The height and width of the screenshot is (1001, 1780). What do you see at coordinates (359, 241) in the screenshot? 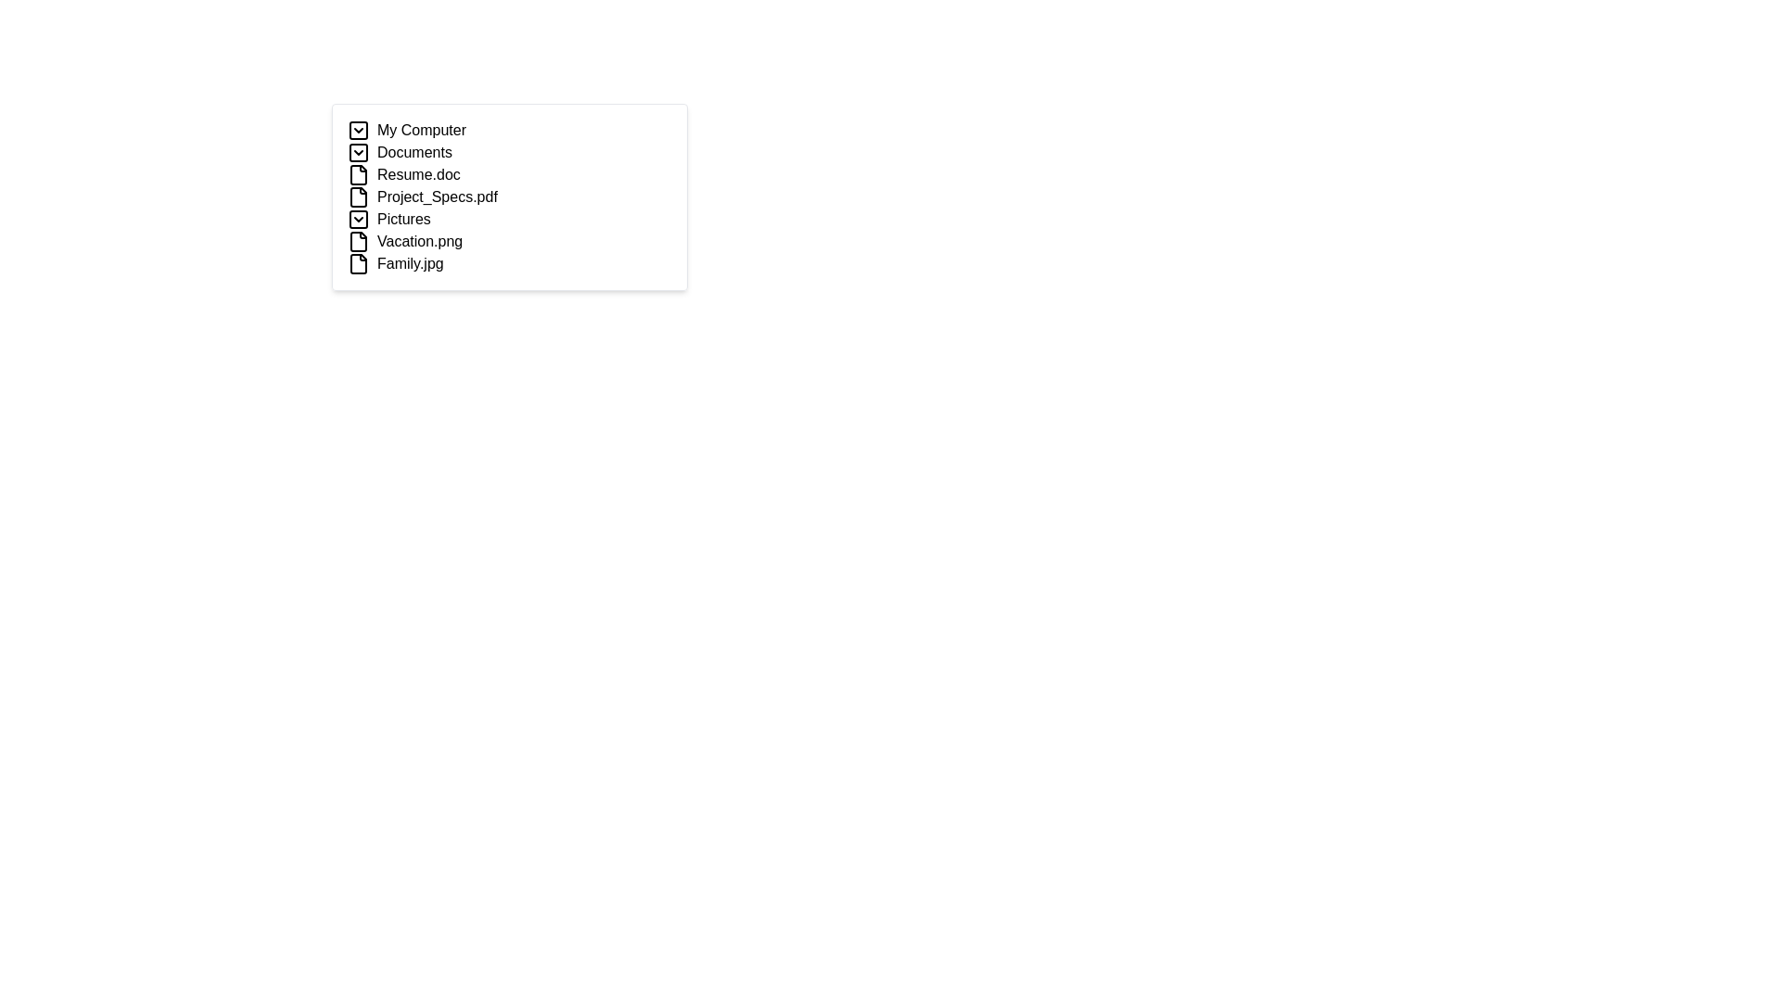
I see `the appearance of the document file icon located to the left of the text 'Vacation.png' in the directory list` at bounding box center [359, 241].